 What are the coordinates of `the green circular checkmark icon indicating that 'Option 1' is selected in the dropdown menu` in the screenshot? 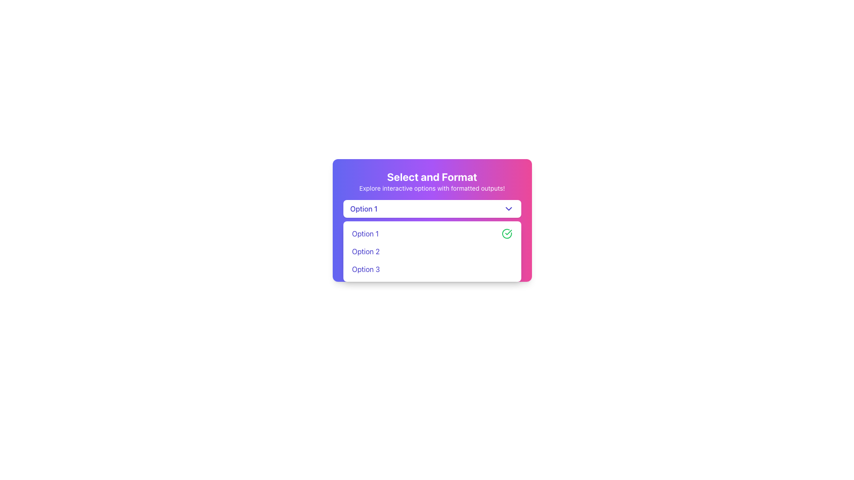 It's located at (508, 232).